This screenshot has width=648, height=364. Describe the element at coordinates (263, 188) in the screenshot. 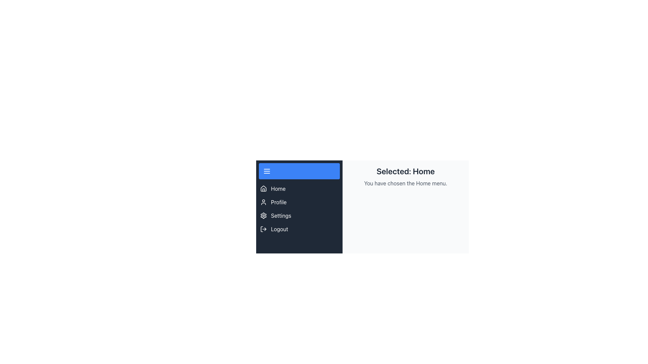

I see `the 'Home' icon represented by an SVG of a house in the left sidebar of the navigation bar` at that location.